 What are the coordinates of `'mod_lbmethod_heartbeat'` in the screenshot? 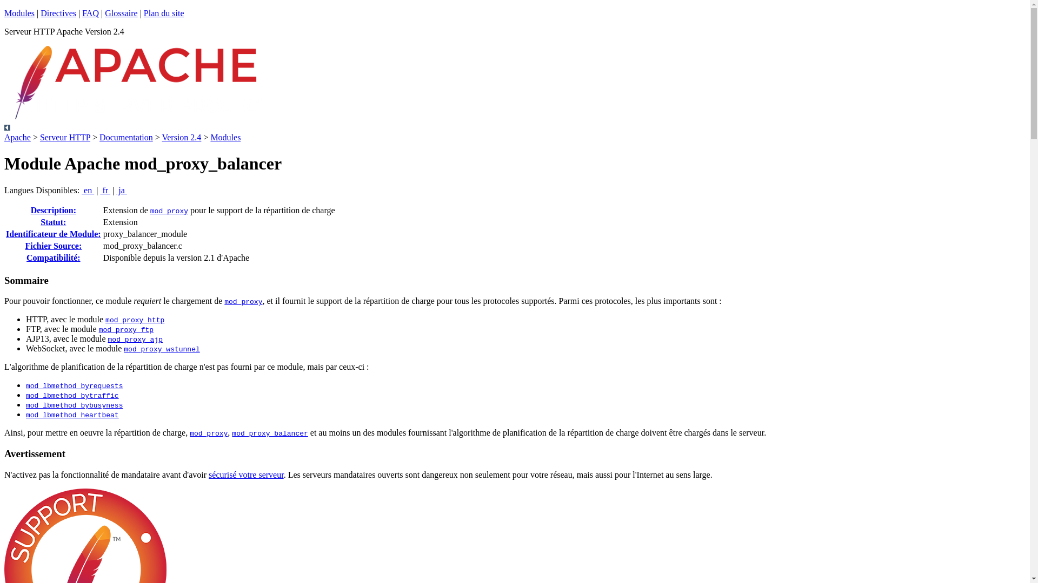 It's located at (26, 415).